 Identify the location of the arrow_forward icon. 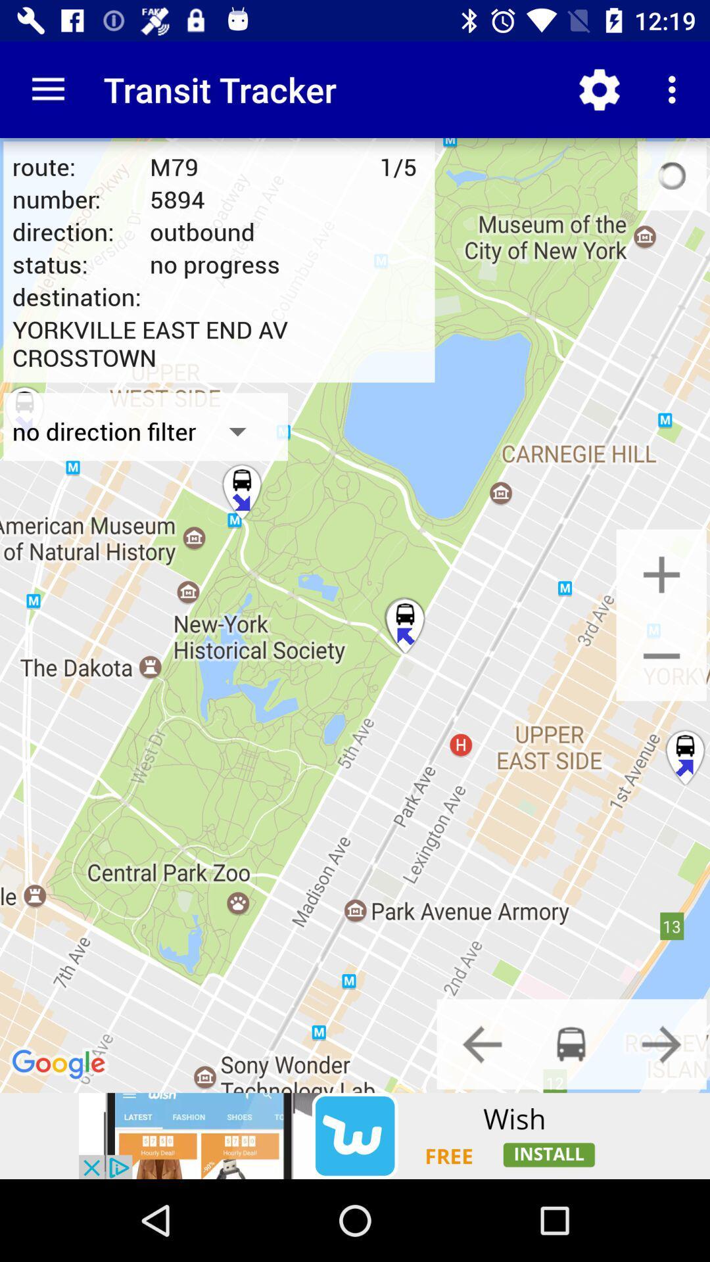
(661, 1043).